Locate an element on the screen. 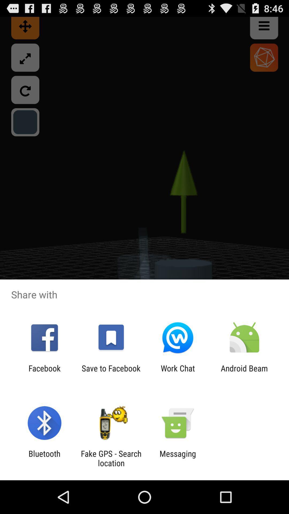  the app to the left of fake gps search is located at coordinates (44, 458).